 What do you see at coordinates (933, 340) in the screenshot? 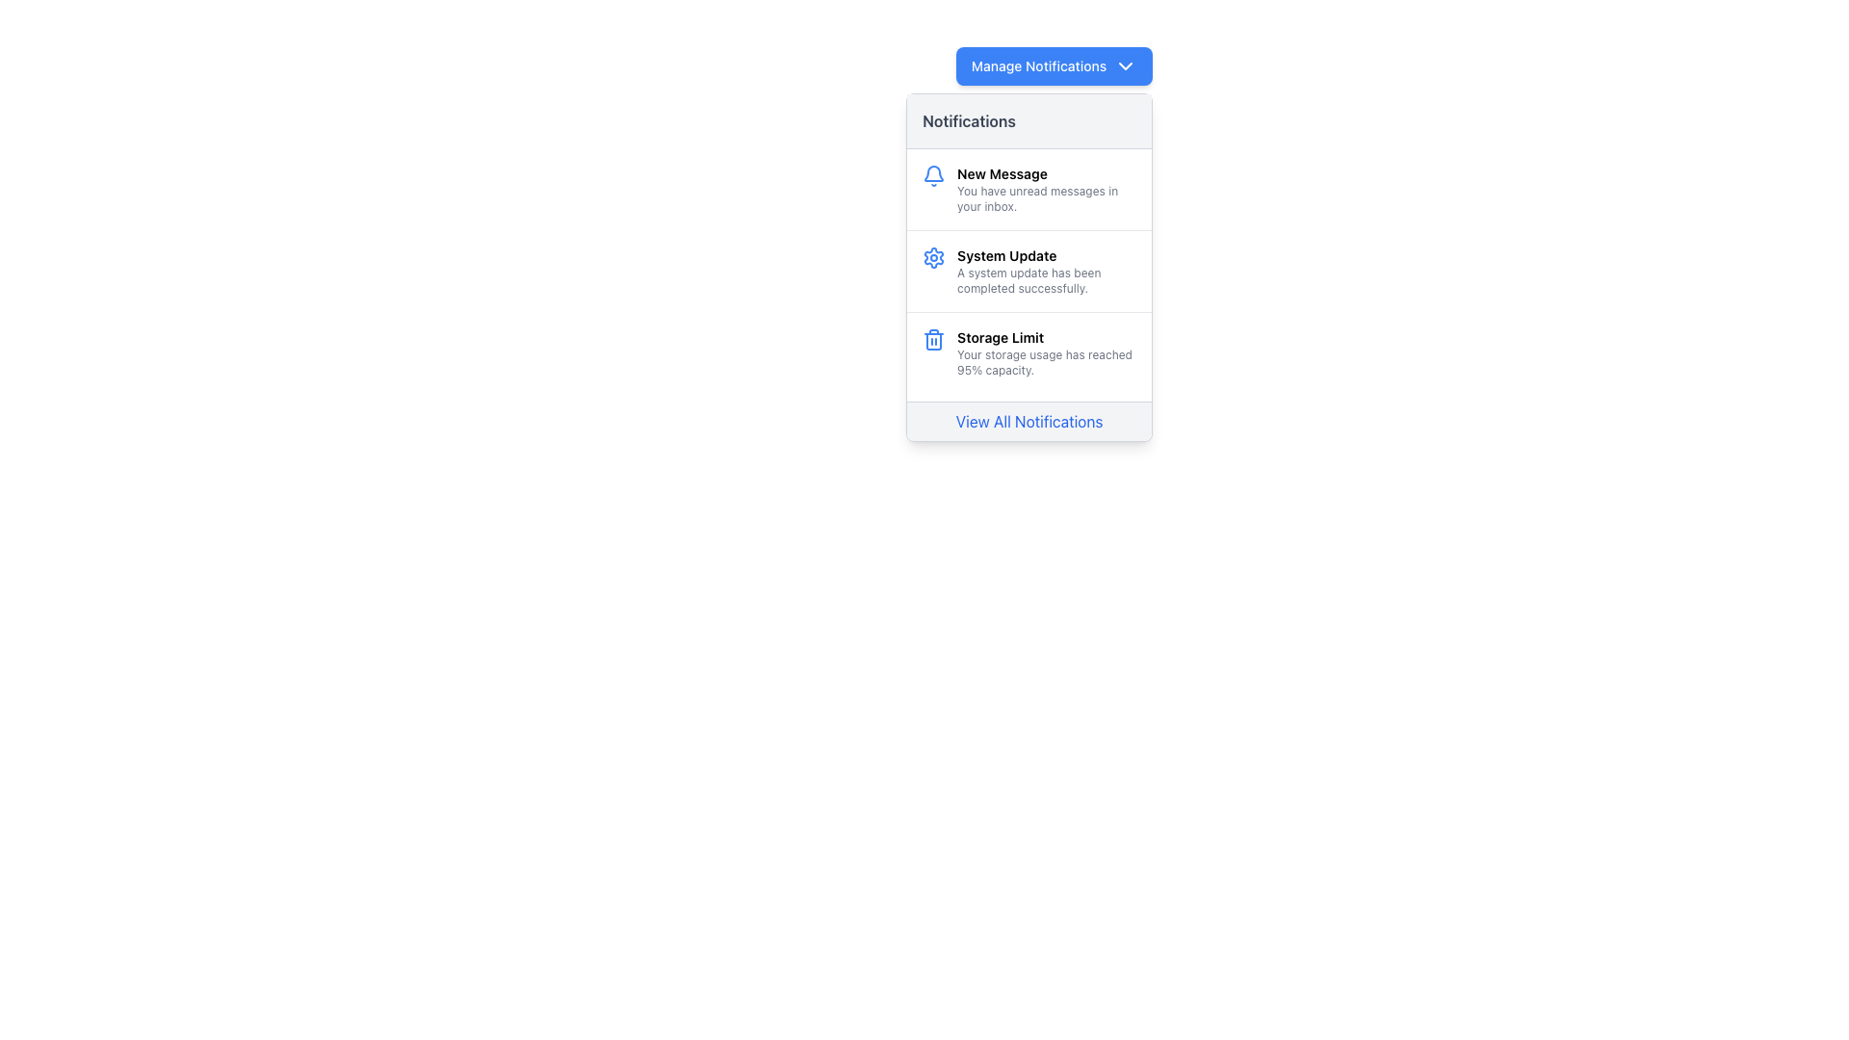
I see `the trash can icon located to the left of the 'Storage Limit' notification text within the 'Manage Notifications' dropdown panel` at bounding box center [933, 340].